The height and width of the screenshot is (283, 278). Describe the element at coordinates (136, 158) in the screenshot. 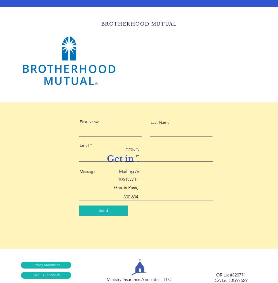

I see `'Get in Touch'` at that location.